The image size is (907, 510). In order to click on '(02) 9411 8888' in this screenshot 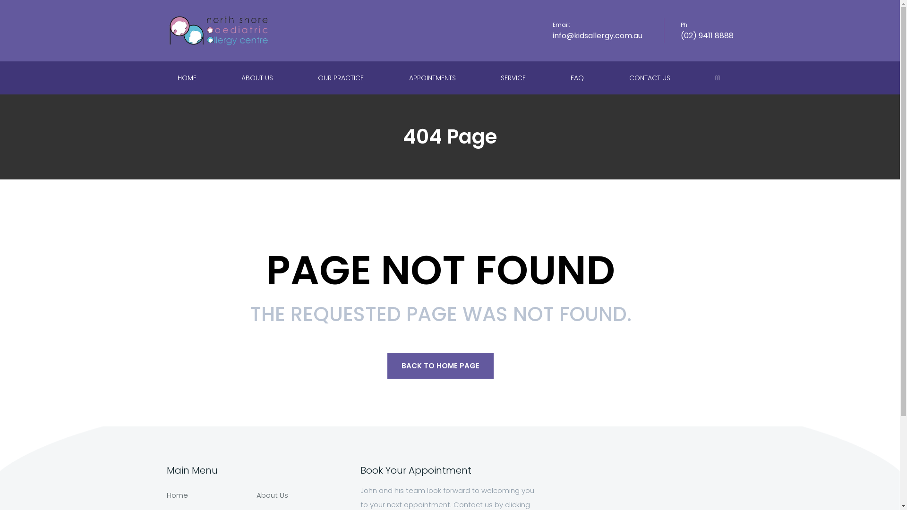, I will do `click(707, 35)`.